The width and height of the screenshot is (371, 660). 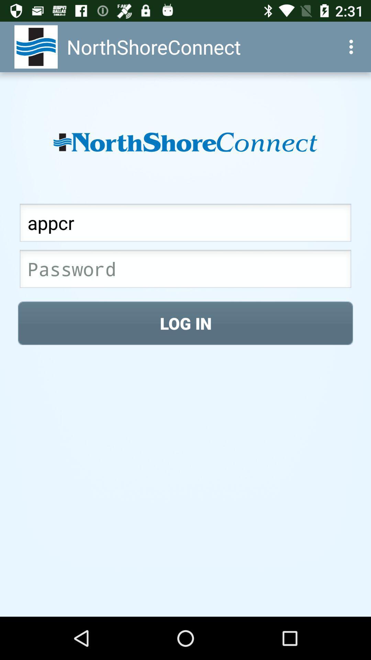 What do you see at coordinates (185, 323) in the screenshot?
I see `the log in item` at bounding box center [185, 323].